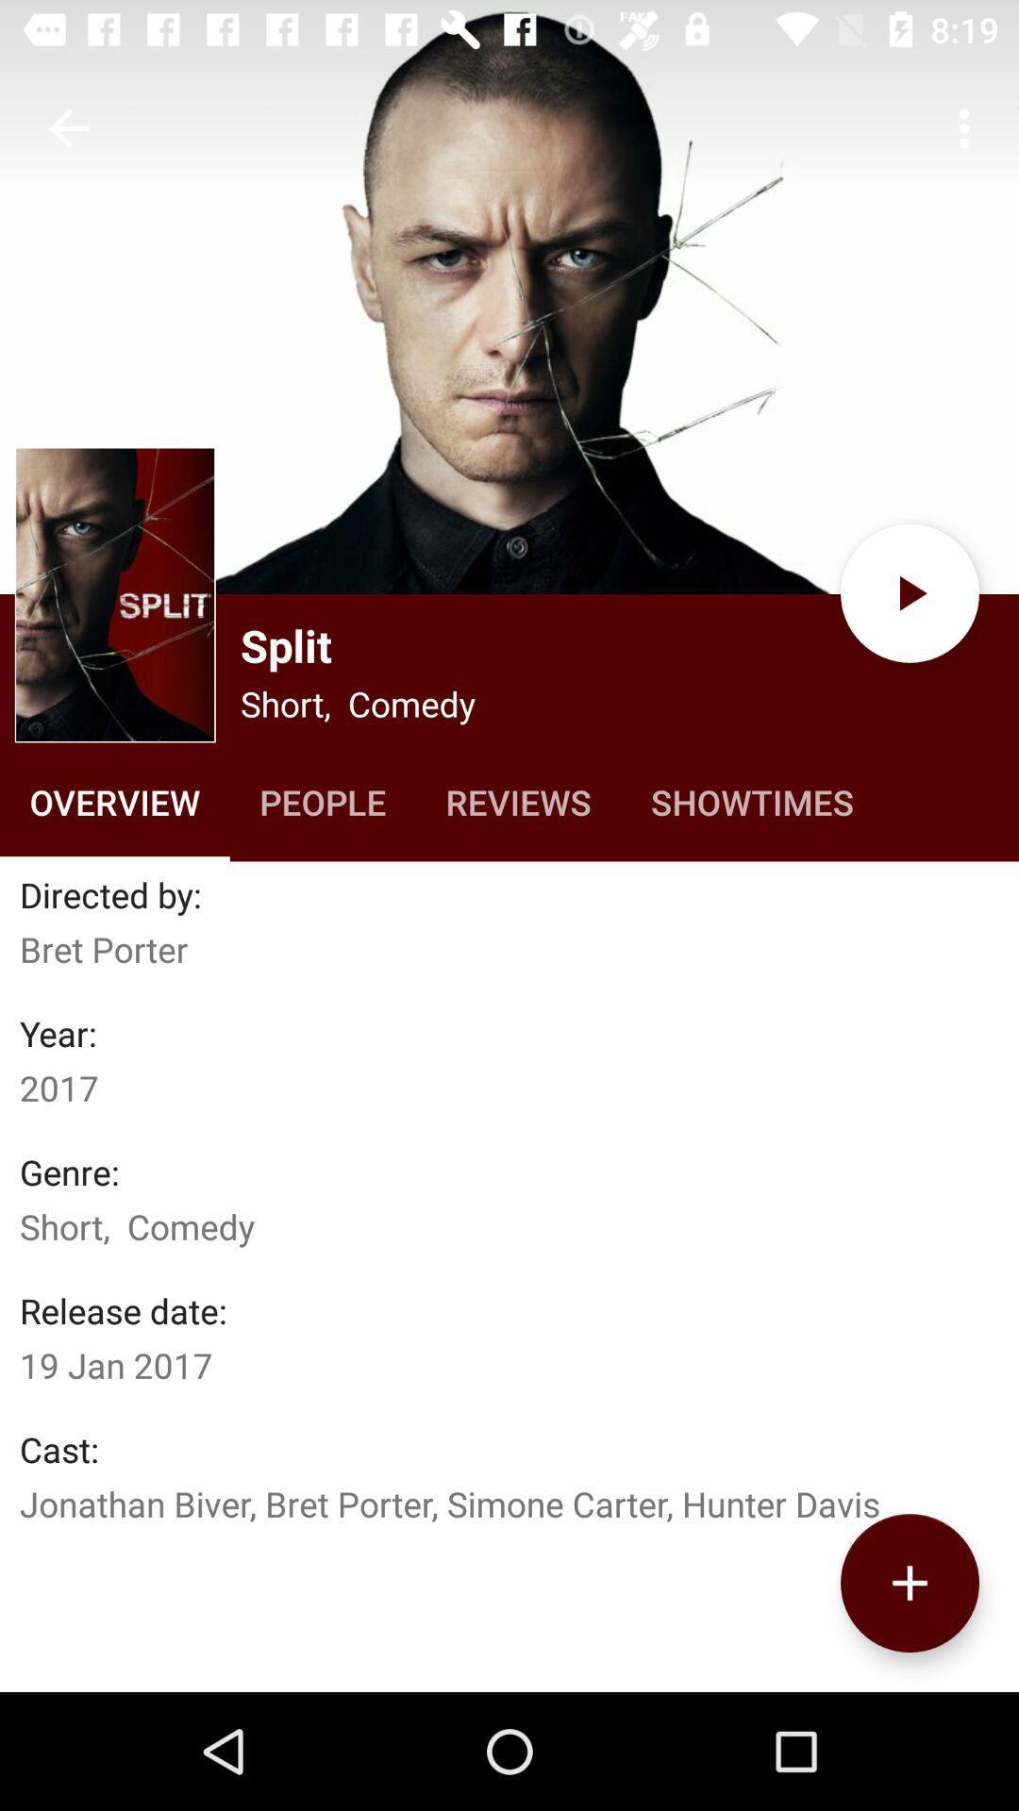  What do you see at coordinates (115, 593) in the screenshot?
I see `movie poster` at bounding box center [115, 593].